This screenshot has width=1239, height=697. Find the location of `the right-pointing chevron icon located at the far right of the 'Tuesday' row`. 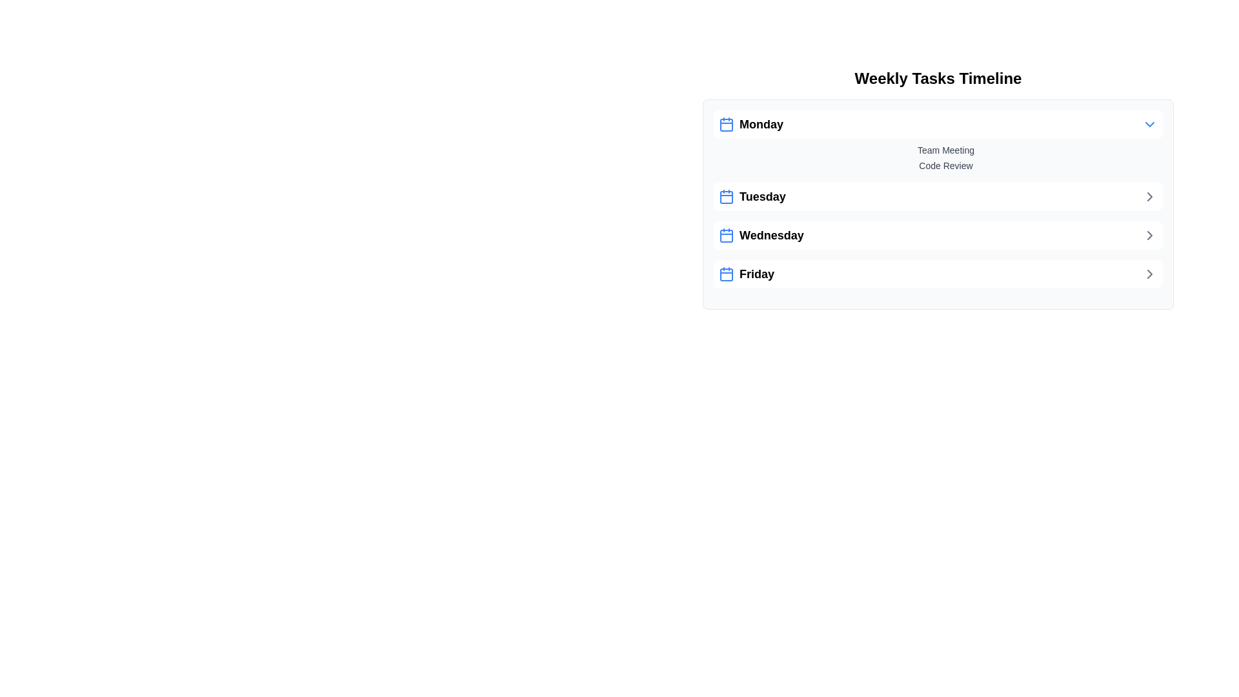

the right-pointing chevron icon located at the far right of the 'Tuesday' row is located at coordinates (1149, 196).